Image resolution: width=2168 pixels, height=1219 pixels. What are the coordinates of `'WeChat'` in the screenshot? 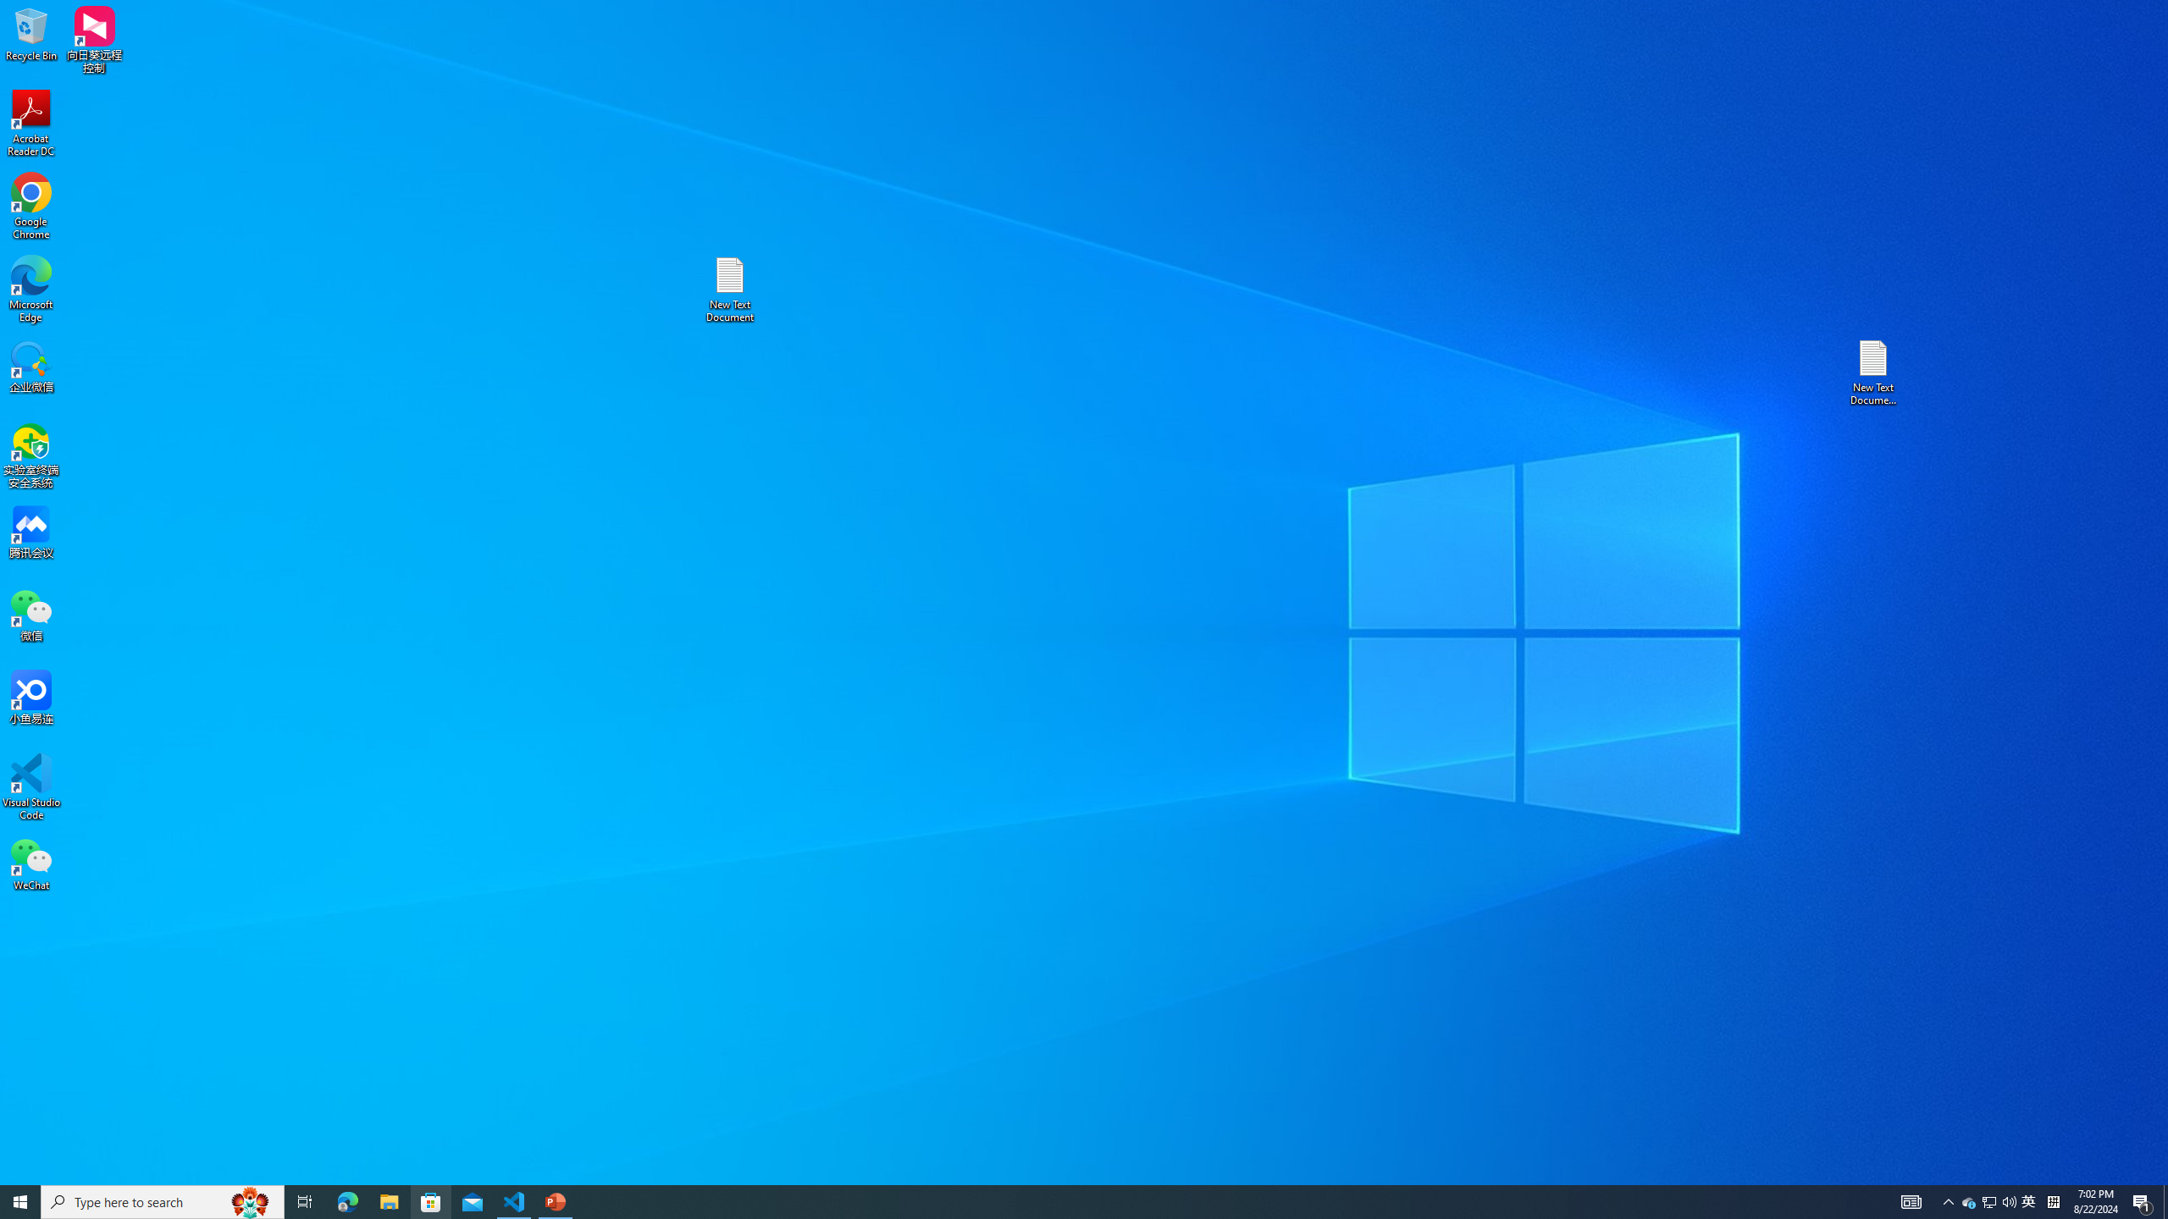 It's located at (30, 863).